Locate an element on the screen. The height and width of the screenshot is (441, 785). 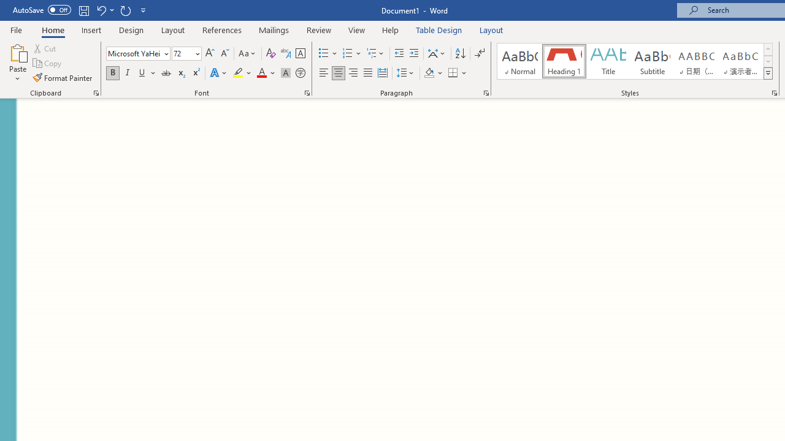
'AutomationID: QuickStylesGallery' is located at coordinates (635, 61).